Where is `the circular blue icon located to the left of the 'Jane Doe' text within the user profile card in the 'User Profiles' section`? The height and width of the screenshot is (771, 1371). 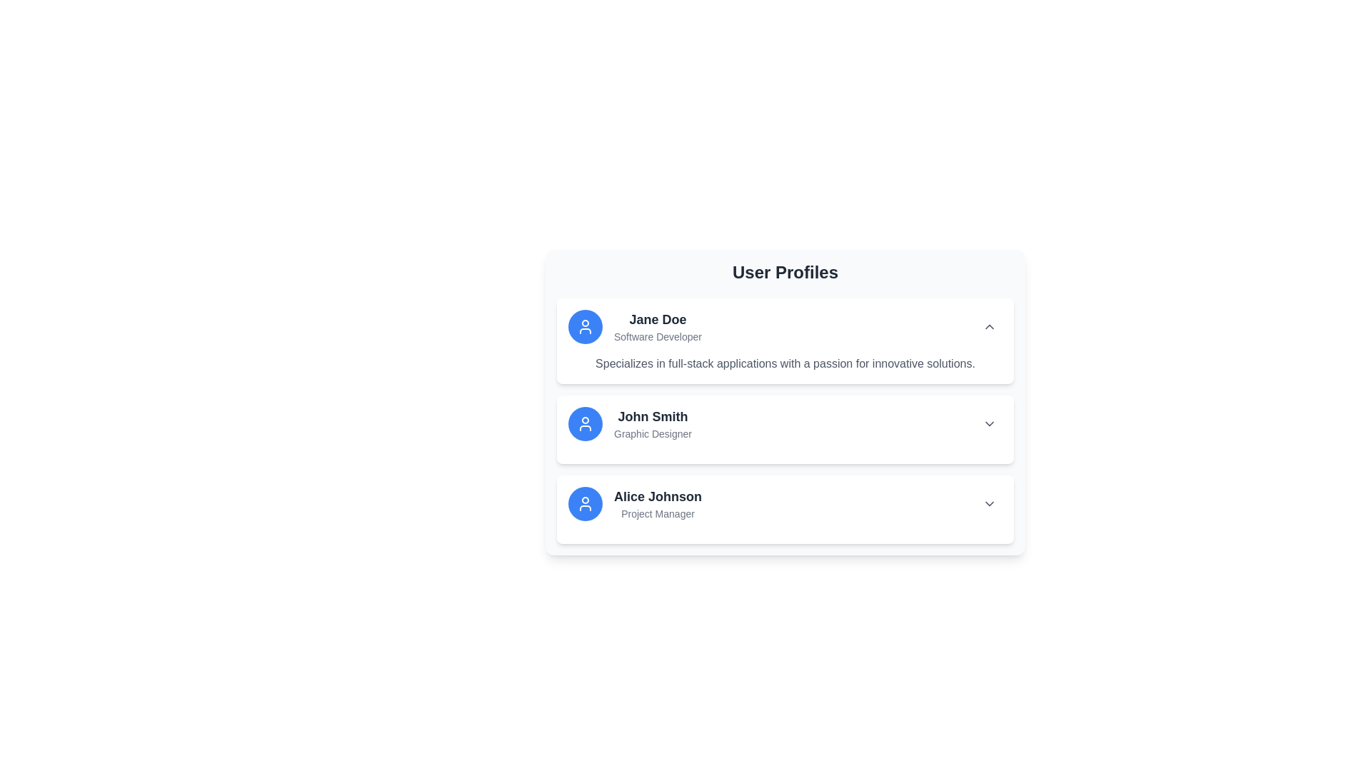
the circular blue icon located to the left of the 'Jane Doe' text within the user profile card in the 'User Profiles' section is located at coordinates (586, 327).